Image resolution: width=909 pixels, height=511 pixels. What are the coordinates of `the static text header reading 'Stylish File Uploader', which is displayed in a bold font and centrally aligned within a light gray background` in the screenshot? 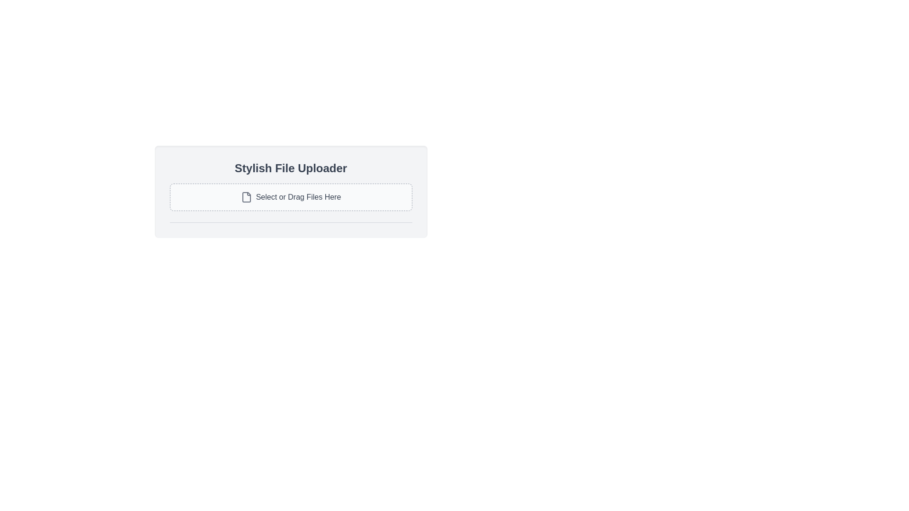 It's located at (290, 167).